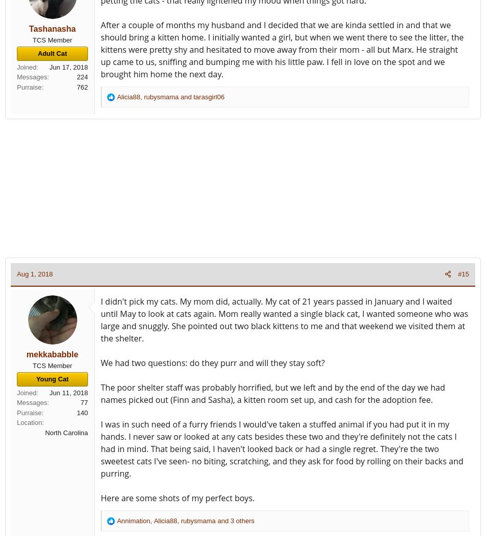  What do you see at coordinates (77, 87) in the screenshot?
I see `'762'` at bounding box center [77, 87].